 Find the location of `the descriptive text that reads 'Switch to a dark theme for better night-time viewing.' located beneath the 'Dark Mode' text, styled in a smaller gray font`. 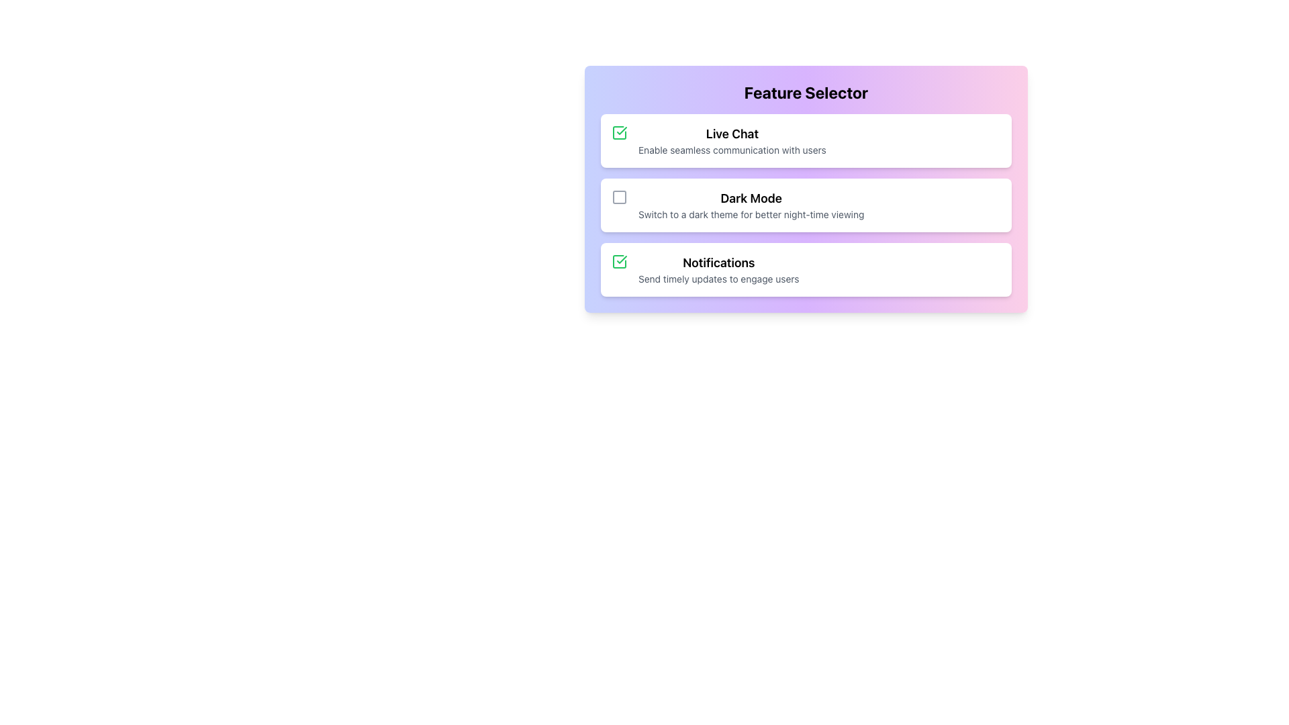

the descriptive text that reads 'Switch to a dark theme for better night-time viewing.' located beneath the 'Dark Mode' text, styled in a smaller gray font is located at coordinates (751, 214).